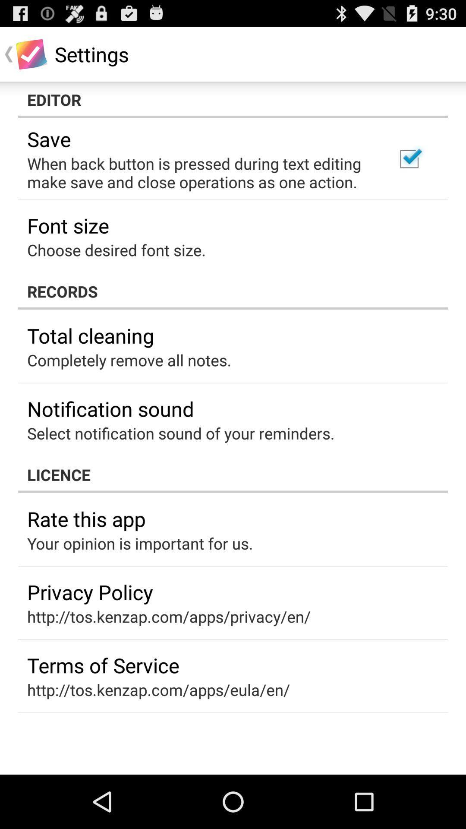  Describe the element at coordinates (233, 99) in the screenshot. I see `editor` at that location.